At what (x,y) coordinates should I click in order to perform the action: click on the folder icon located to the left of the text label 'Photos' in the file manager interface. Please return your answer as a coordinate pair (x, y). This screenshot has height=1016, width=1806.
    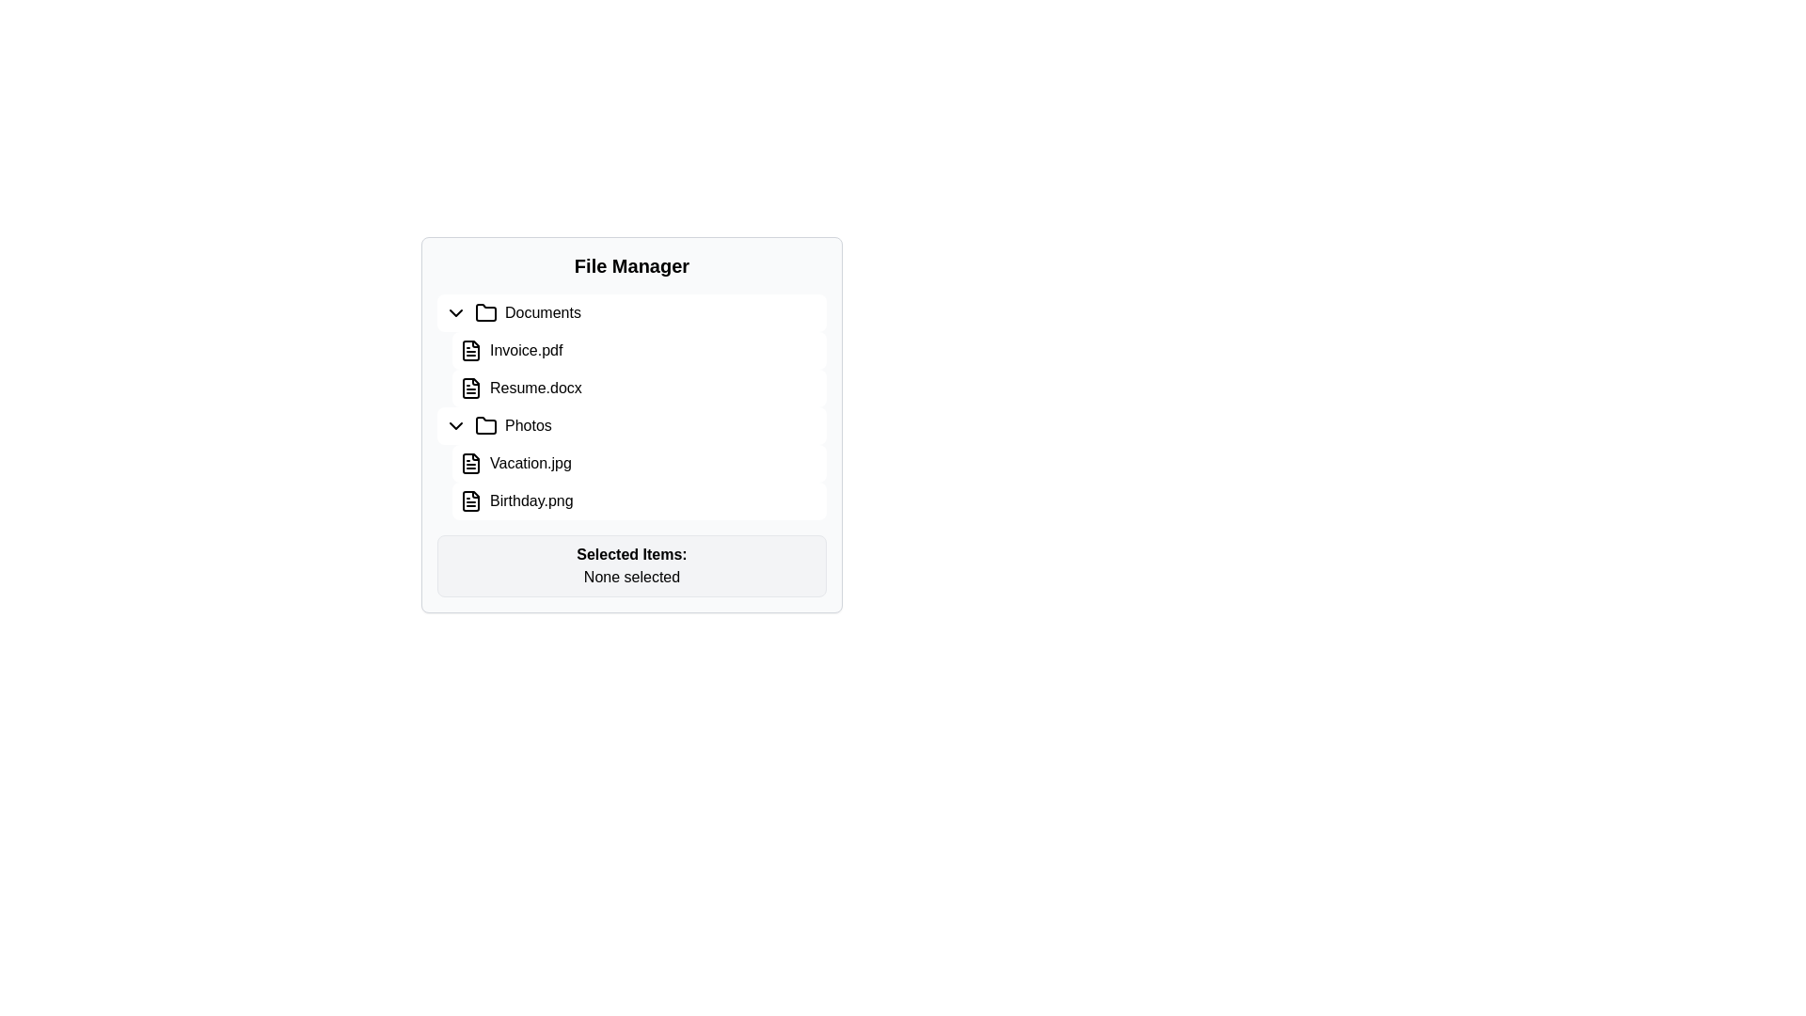
    Looking at the image, I should click on (486, 424).